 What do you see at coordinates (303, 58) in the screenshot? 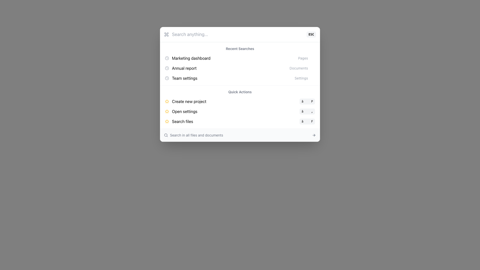
I see `the Text label that serves as a descriptor for the 'Marketing dashboard' entry, located on the right side of the group` at bounding box center [303, 58].